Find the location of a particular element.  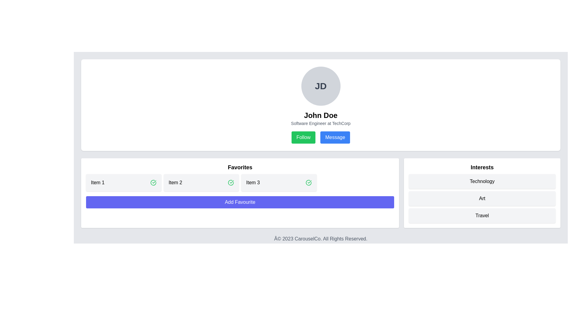

the Circle icon with a checkmark that indicates the verified or completed state for 'Item 3' in the 'Favorites' section is located at coordinates (308, 182).